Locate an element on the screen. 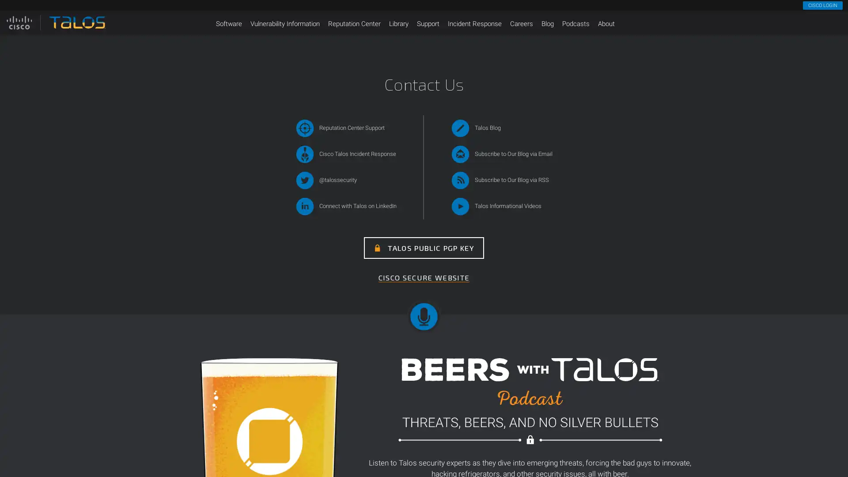 The image size is (848, 477). TALOS PUBLIC PGP KEY is located at coordinates (424, 248).